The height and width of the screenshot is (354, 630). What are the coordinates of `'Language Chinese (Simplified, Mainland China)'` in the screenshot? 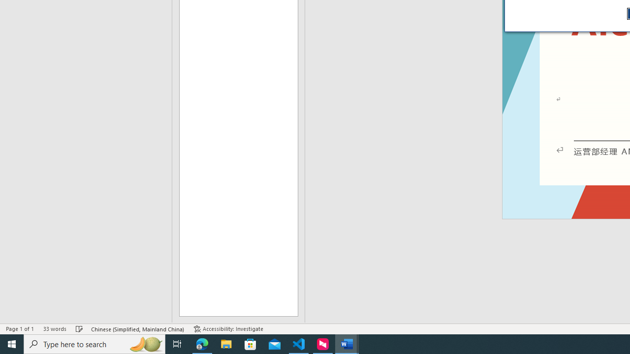 It's located at (137, 329).